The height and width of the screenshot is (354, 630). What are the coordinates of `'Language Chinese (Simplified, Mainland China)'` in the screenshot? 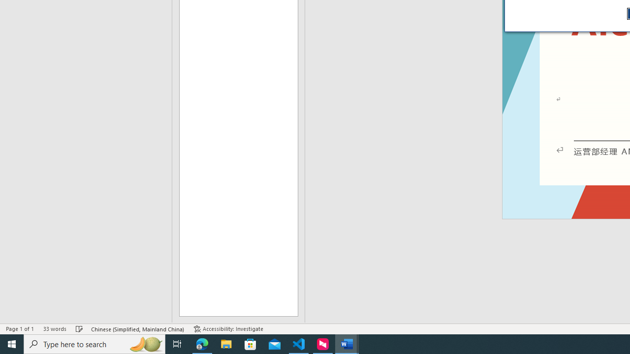 It's located at (137, 329).